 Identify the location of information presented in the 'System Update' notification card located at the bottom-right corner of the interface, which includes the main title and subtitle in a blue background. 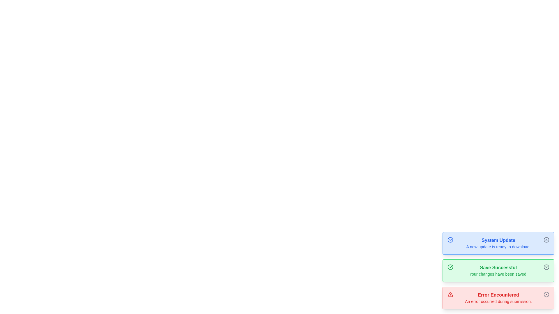
(498, 243).